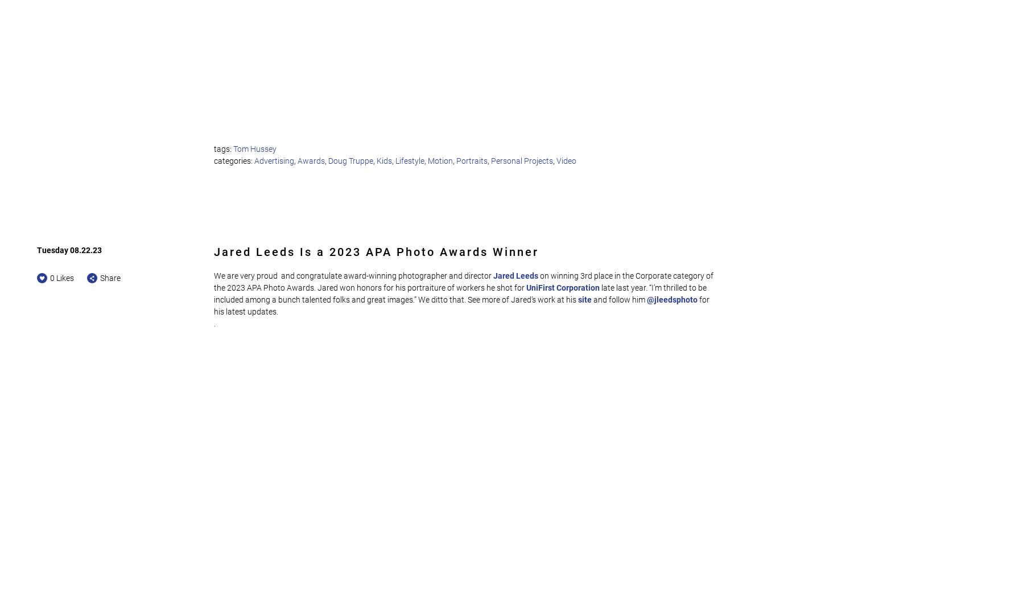 This screenshot has height=612, width=1027. Describe the element at coordinates (427, 160) in the screenshot. I see `'Motion'` at that location.